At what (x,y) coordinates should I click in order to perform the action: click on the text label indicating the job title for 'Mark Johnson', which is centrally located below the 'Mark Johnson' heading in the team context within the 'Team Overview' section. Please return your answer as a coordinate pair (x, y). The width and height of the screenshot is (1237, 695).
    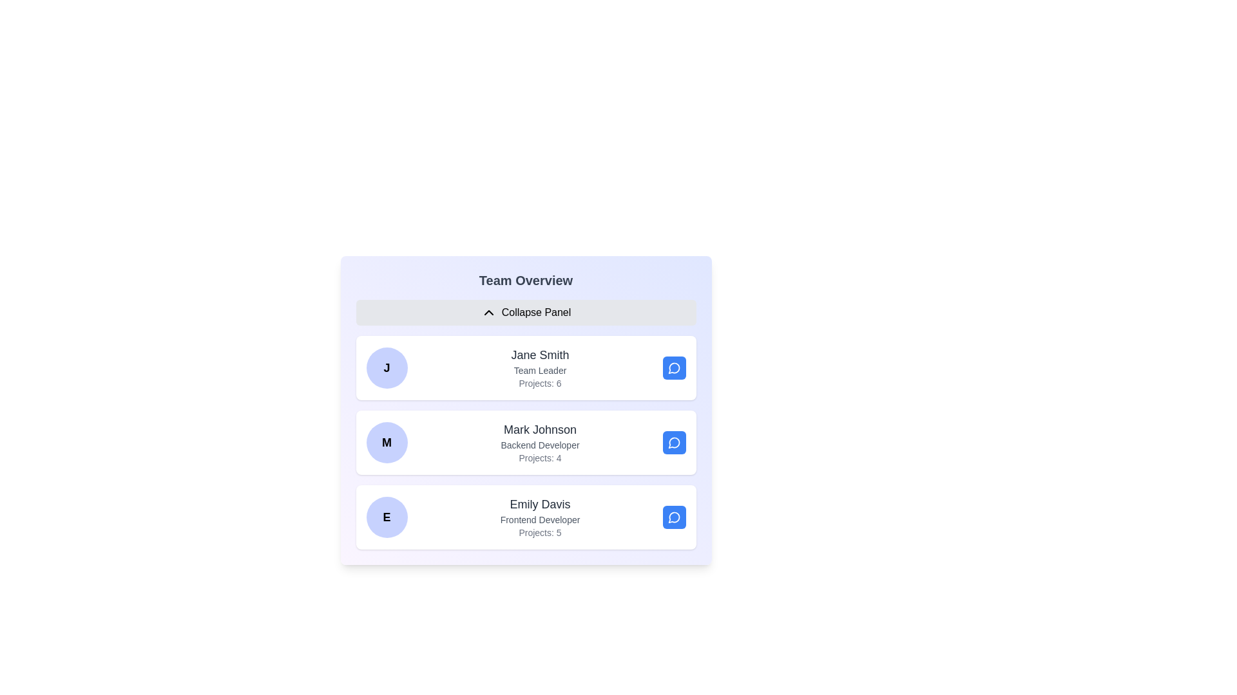
    Looking at the image, I should click on (540, 444).